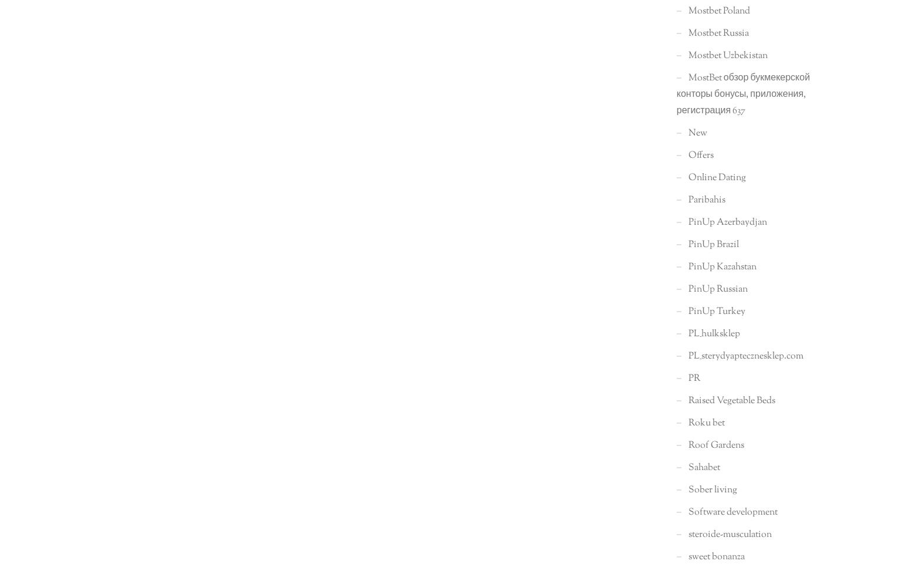 This screenshot has width=909, height=571. Describe the element at coordinates (688, 423) in the screenshot. I see `'Roku bet'` at that location.